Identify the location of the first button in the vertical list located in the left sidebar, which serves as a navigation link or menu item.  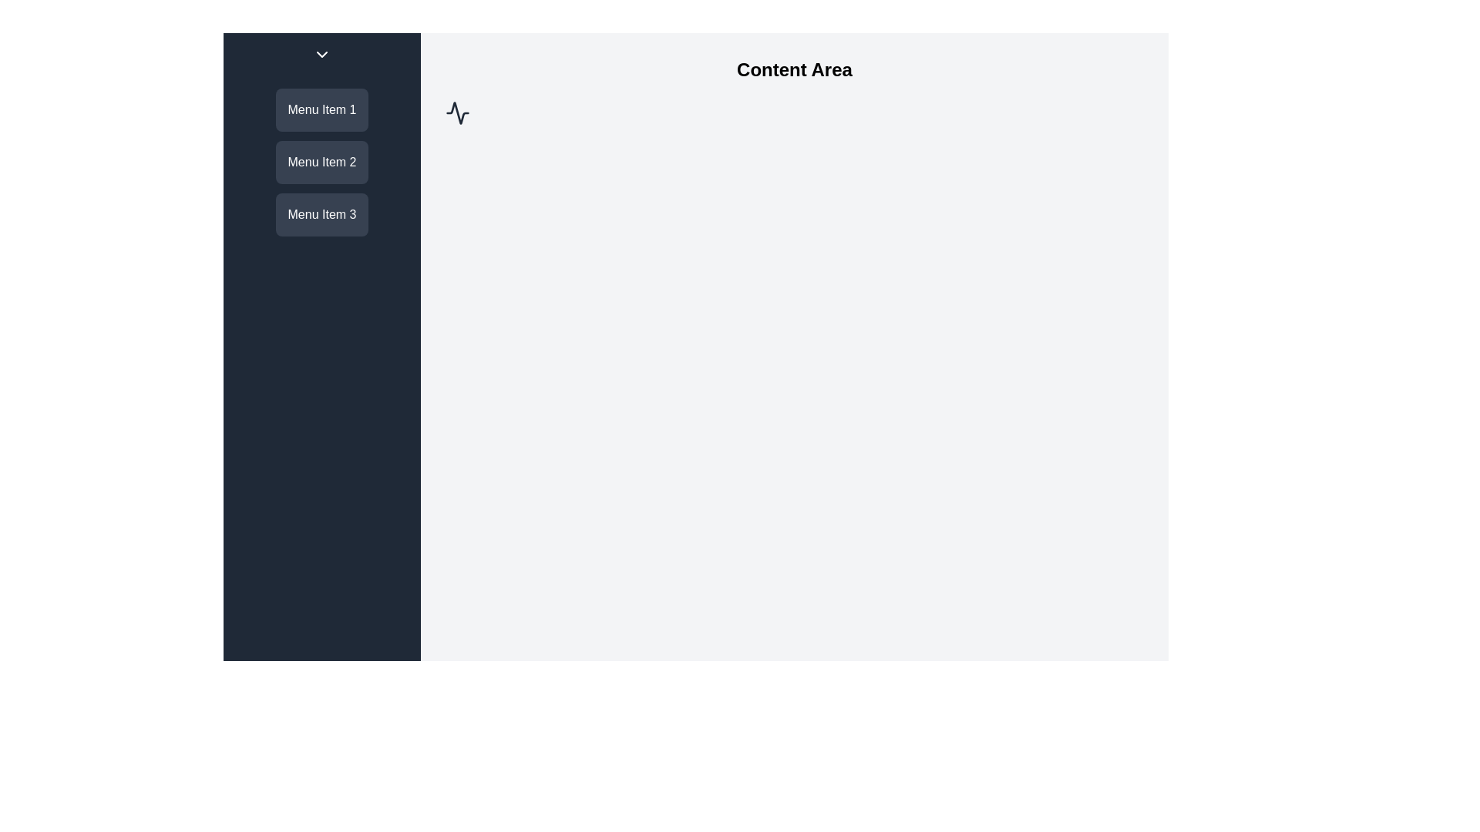
(321, 109).